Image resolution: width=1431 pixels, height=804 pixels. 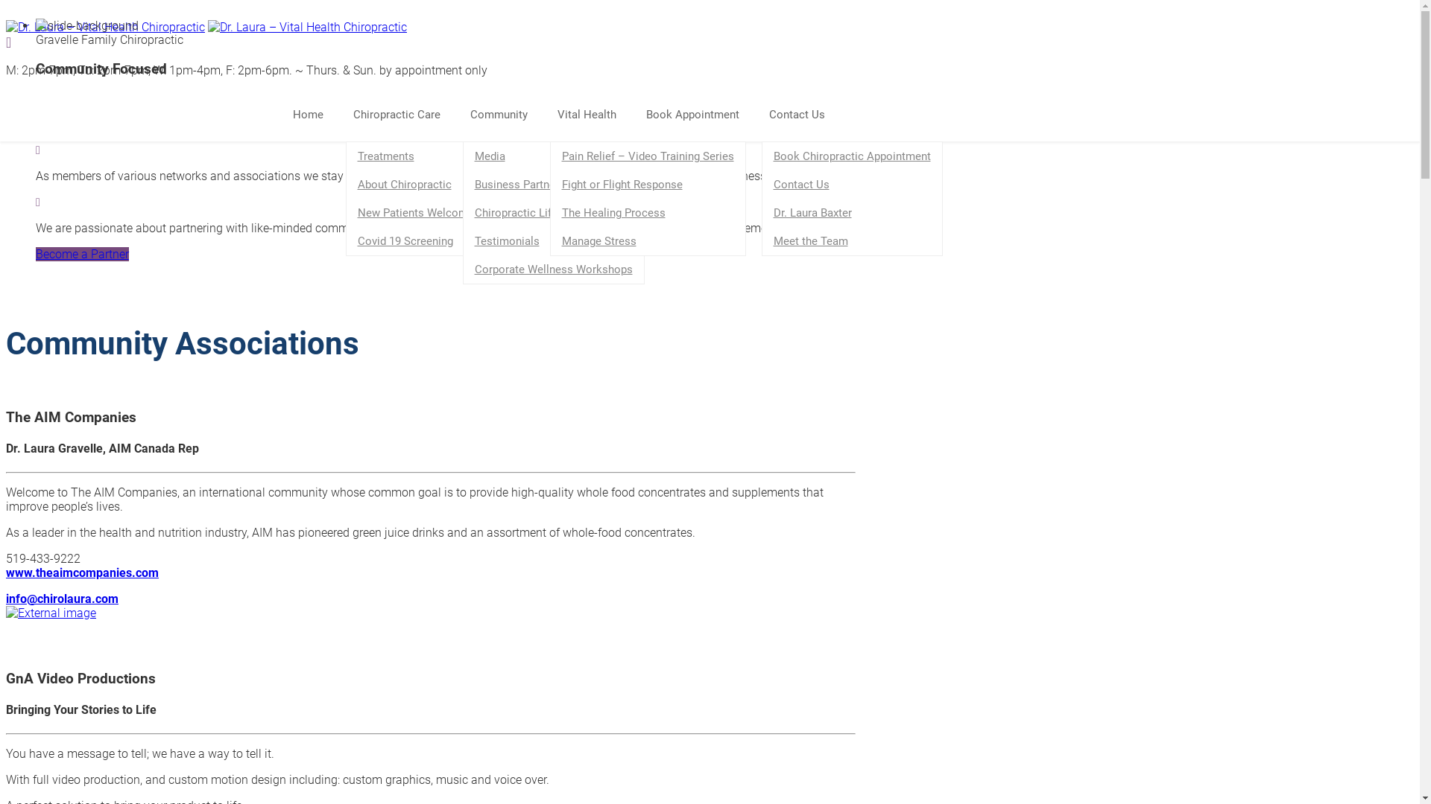 What do you see at coordinates (851, 240) in the screenshot?
I see `'Meet the Team'` at bounding box center [851, 240].